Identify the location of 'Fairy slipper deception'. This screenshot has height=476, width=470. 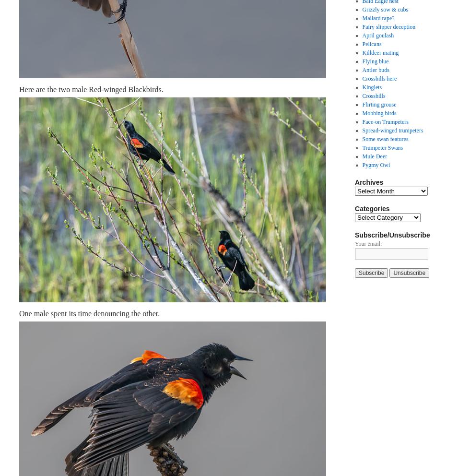
(388, 27).